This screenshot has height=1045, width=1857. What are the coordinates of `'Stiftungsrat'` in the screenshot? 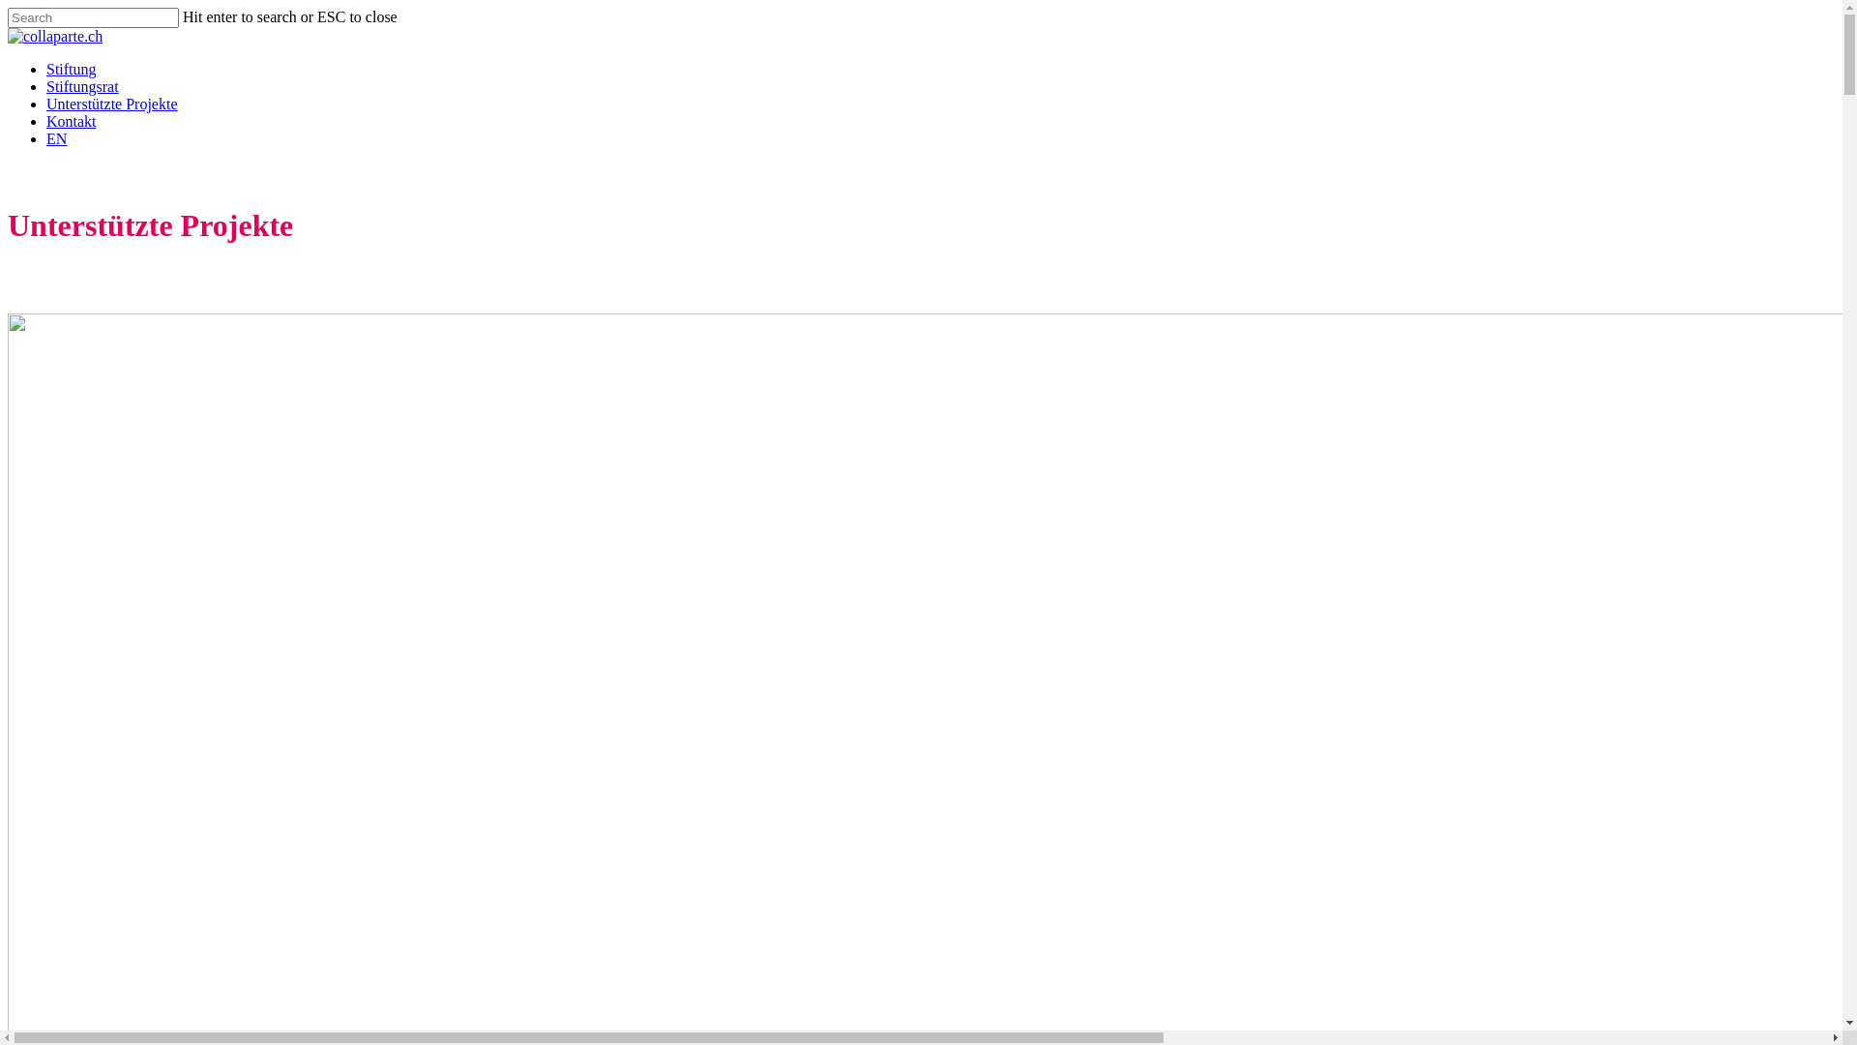 It's located at (46, 85).